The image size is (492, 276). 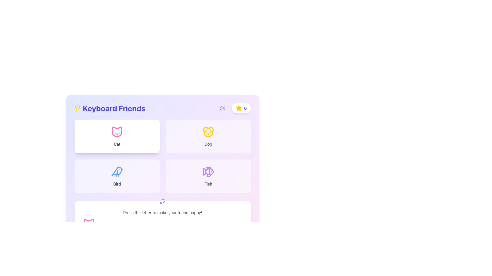 I want to click on the rectangular button with a soft purple background and a yellow dog icon labeled 'Dog', so click(x=208, y=136).